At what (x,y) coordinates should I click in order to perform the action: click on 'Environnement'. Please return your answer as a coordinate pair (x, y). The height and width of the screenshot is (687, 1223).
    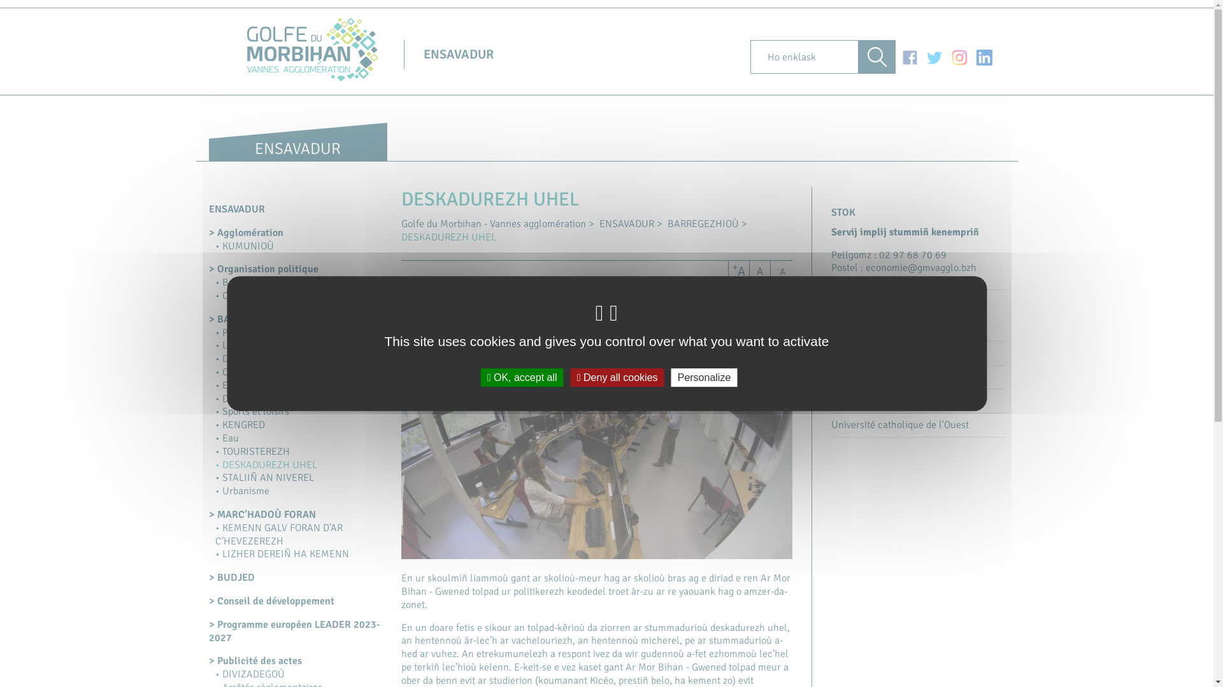
    Looking at the image, I should click on (252, 384).